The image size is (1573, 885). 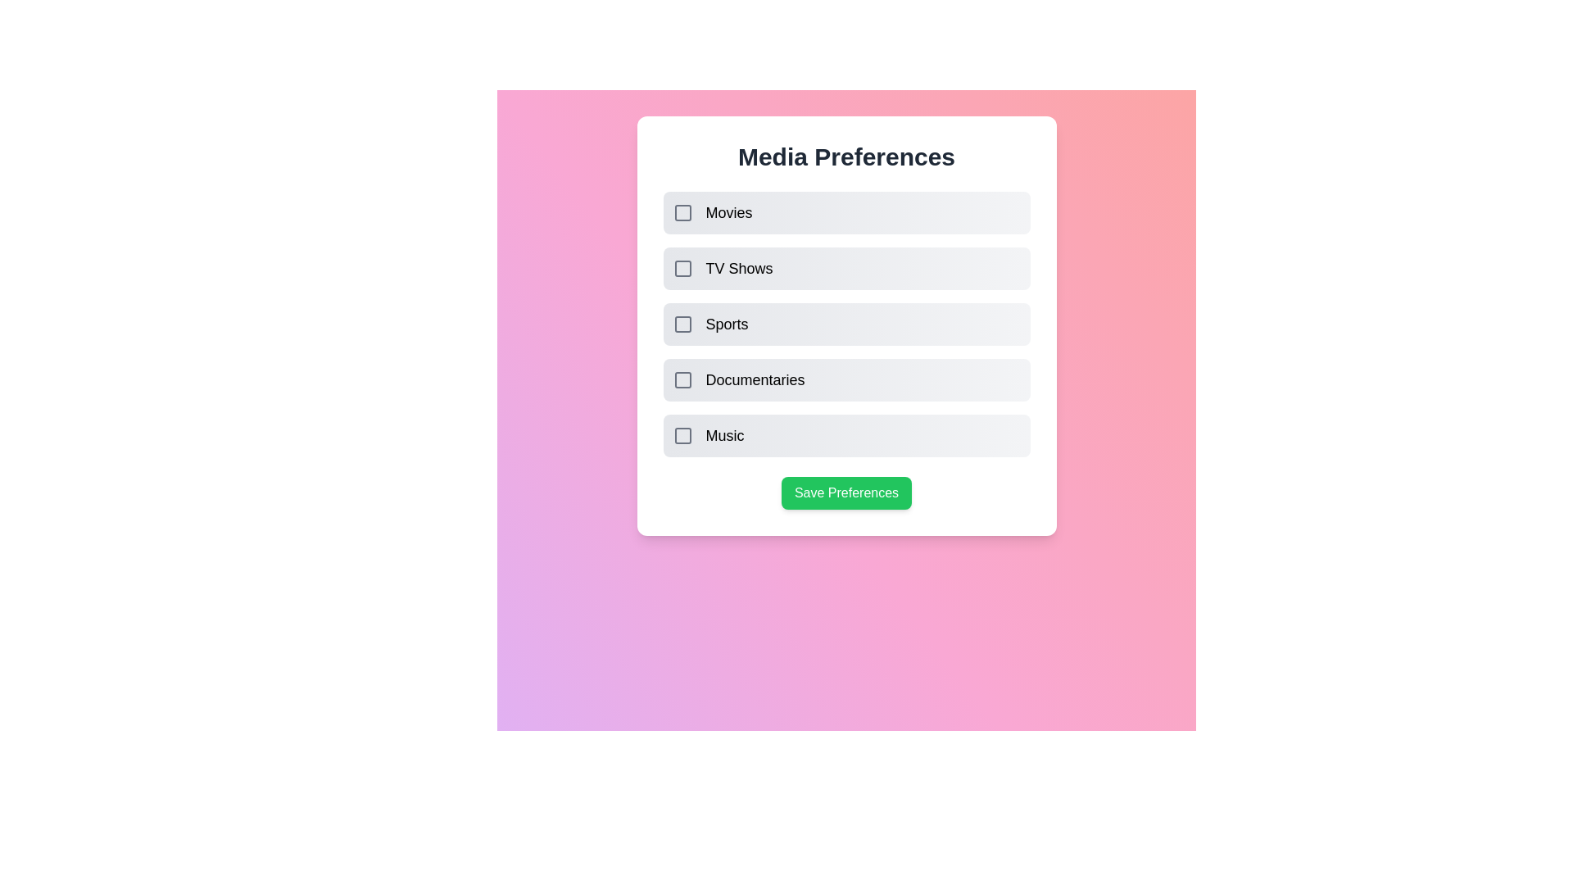 What do you see at coordinates (846, 267) in the screenshot?
I see `the item TV Shows to see the hover effect` at bounding box center [846, 267].